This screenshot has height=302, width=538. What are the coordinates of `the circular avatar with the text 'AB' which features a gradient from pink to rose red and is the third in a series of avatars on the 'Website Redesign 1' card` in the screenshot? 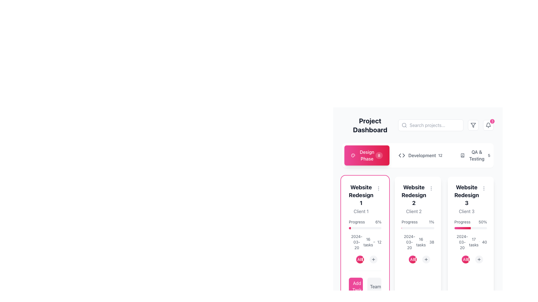 It's located at (367, 259).